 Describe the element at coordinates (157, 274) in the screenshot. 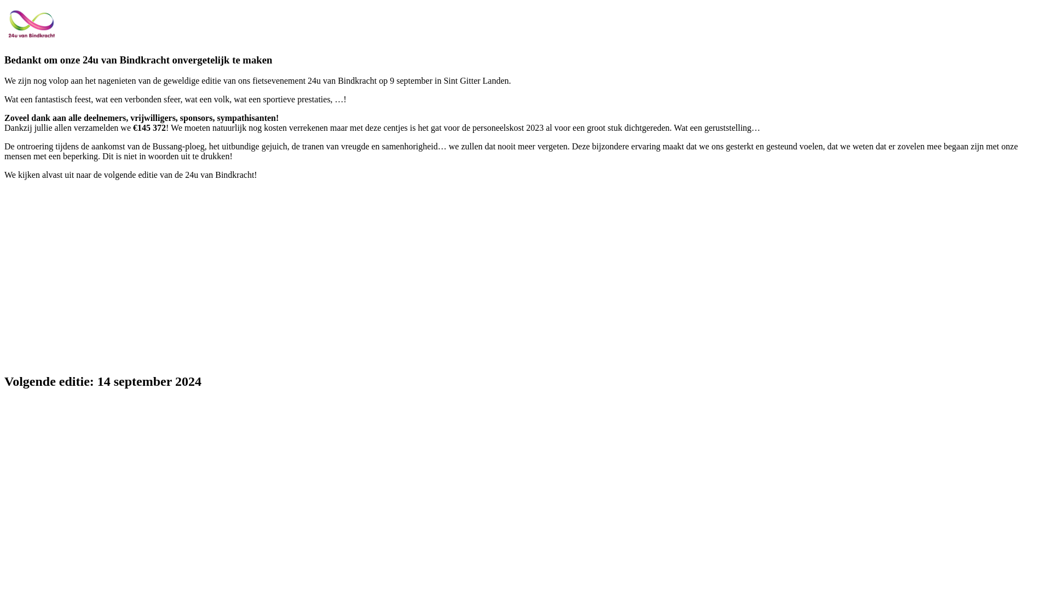

I see `'YouTube video player'` at that location.